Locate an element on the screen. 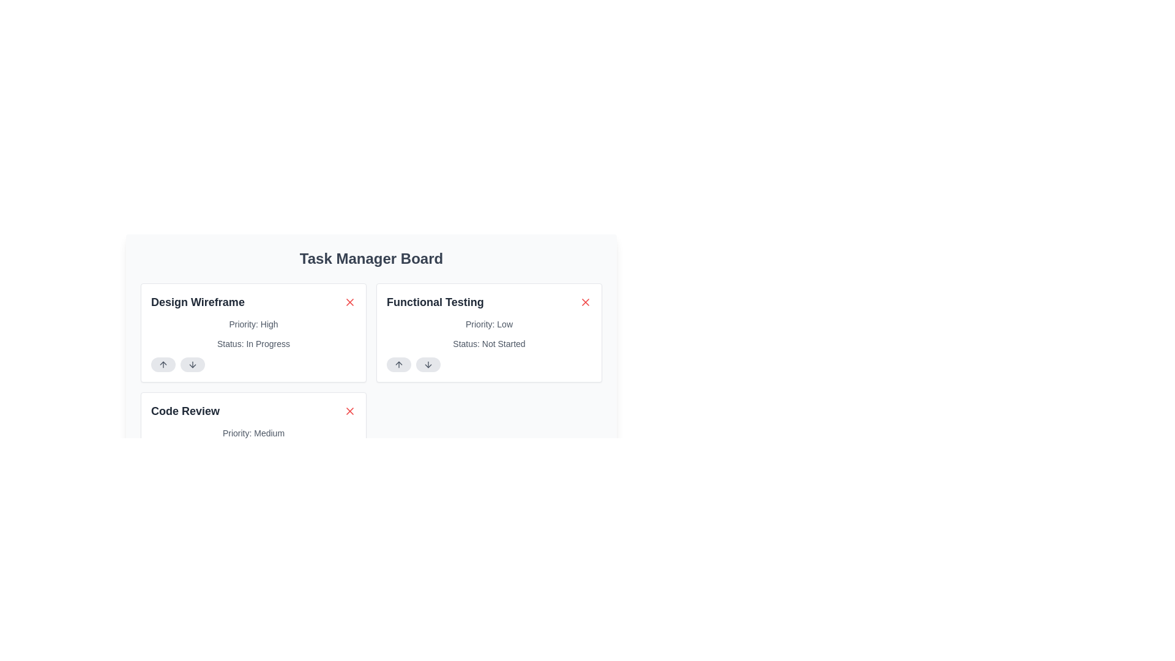 The height and width of the screenshot is (661, 1175). the text label displaying 'Priority: High' located in the task card titled 'Design Wireframe', which is positioned above 'Status: In Progress' is located at coordinates (253, 323).